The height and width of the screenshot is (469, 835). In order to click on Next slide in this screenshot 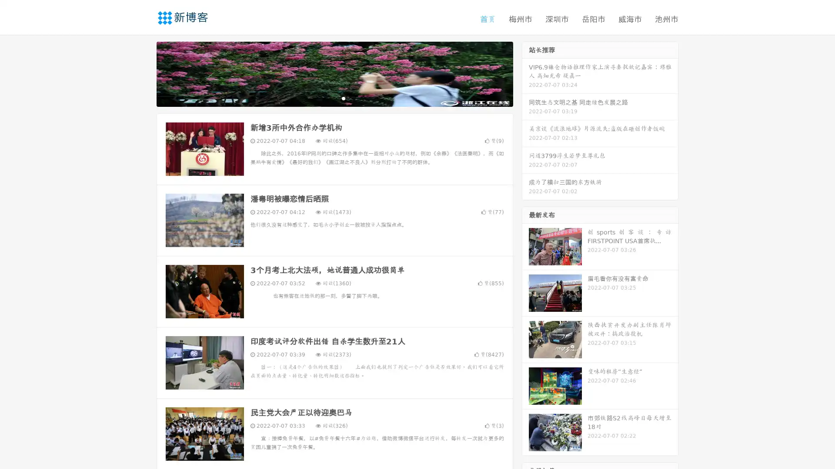, I will do `click(525, 73)`.